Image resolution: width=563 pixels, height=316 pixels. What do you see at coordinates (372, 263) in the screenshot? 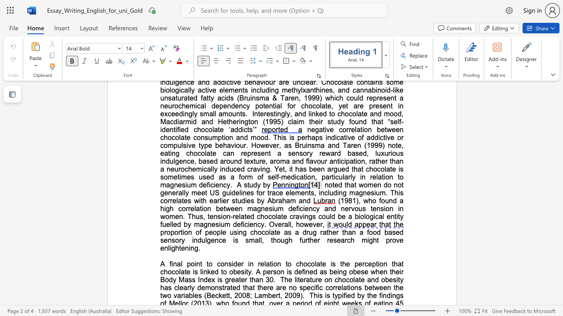
I see `the subset text "ption" within the text "perception"` at bounding box center [372, 263].